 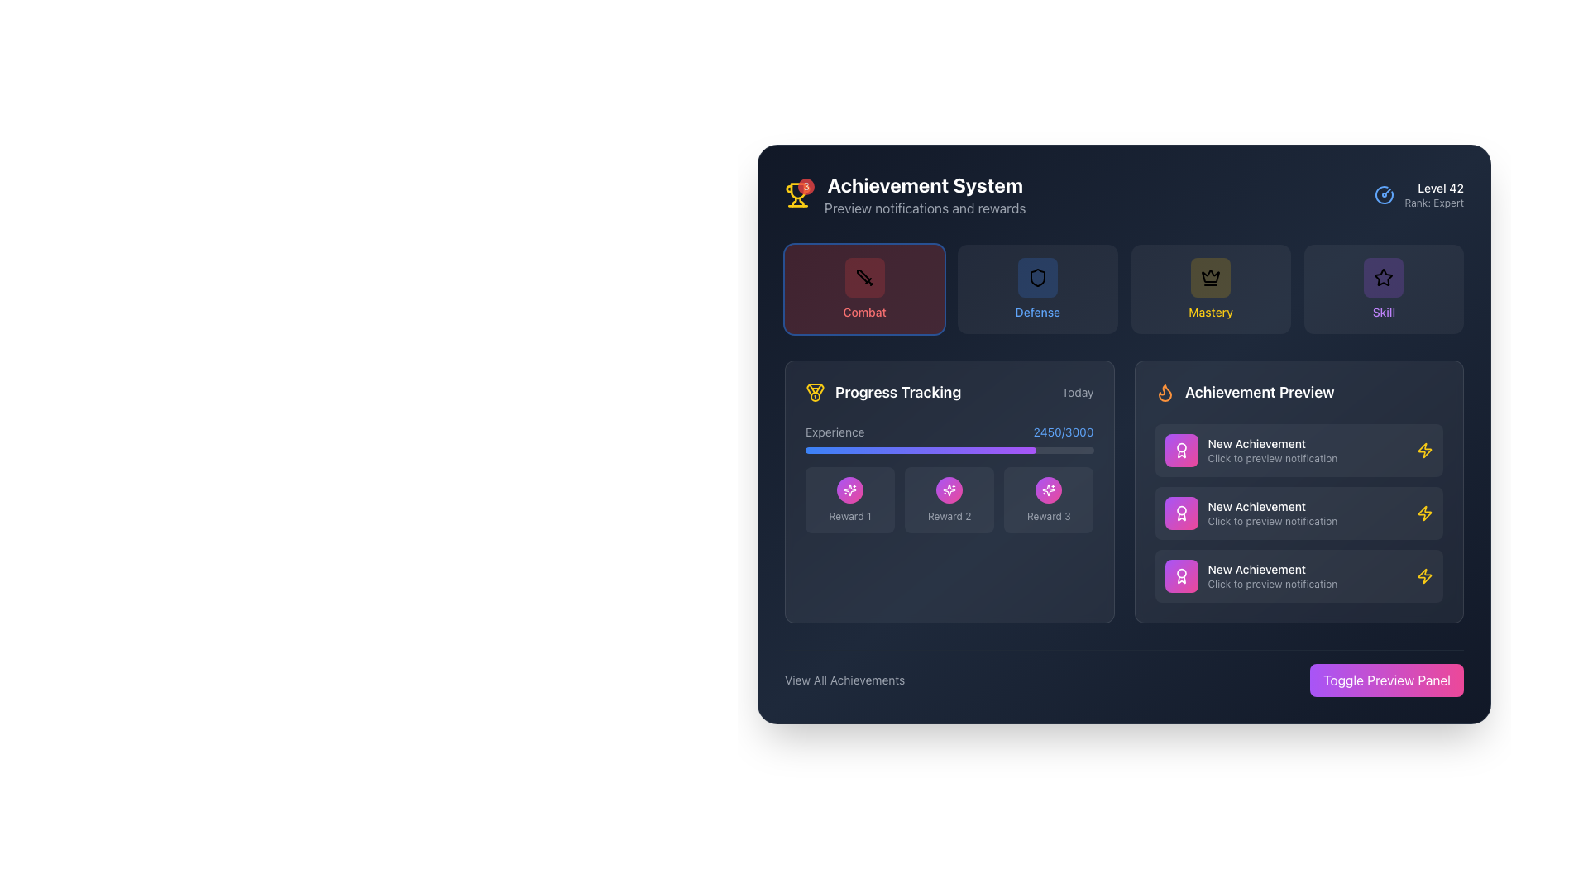 I want to click on the 'Mastery' text label, which indicates the category within the selectable menu, located in the third position after 'Combat' and 'Defense', so click(x=1211, y=313).